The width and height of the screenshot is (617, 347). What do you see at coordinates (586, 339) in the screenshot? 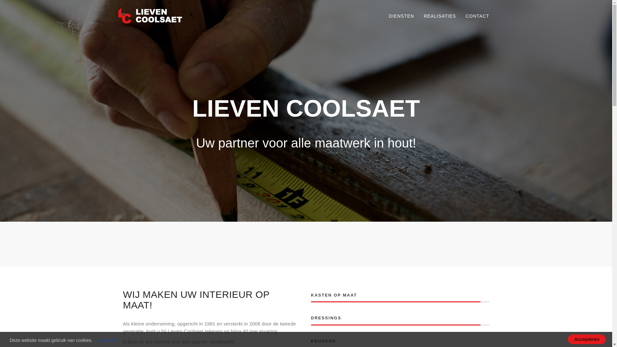
I see `'Accepteren'` at bounding box center [586, 339].